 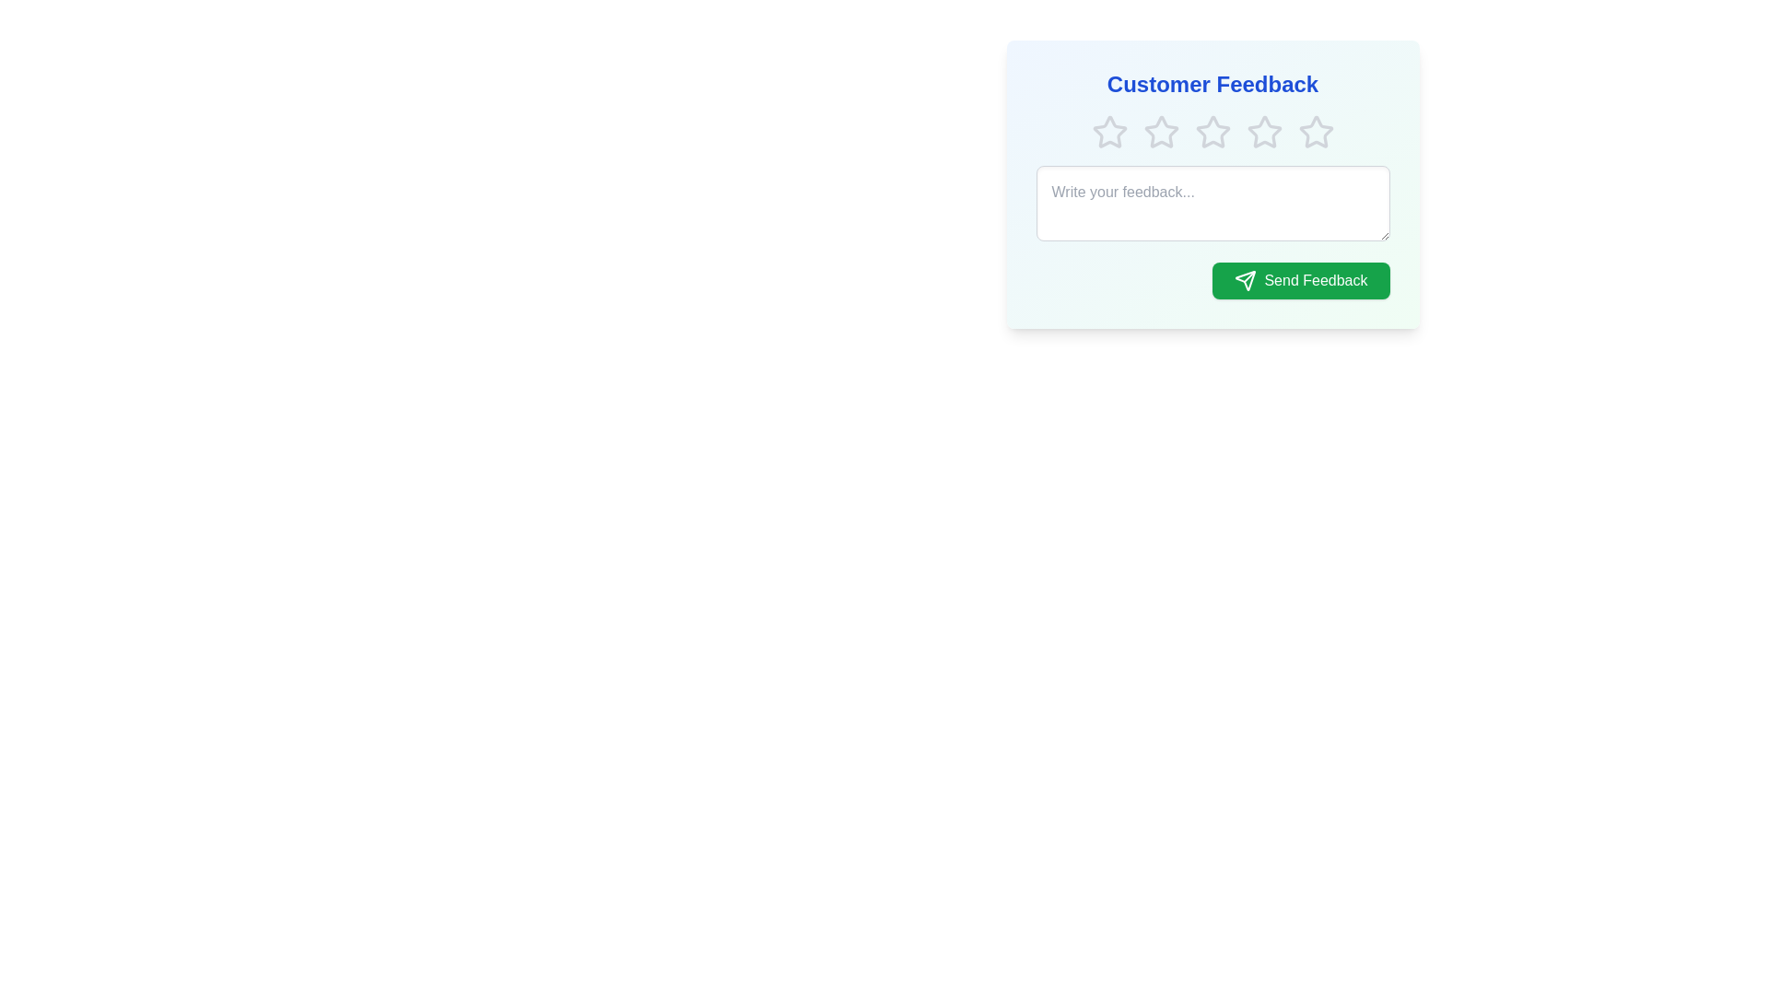 I want to click on the star corresponding to 1 stars to preview the rating, so click(x=1108, y=131).